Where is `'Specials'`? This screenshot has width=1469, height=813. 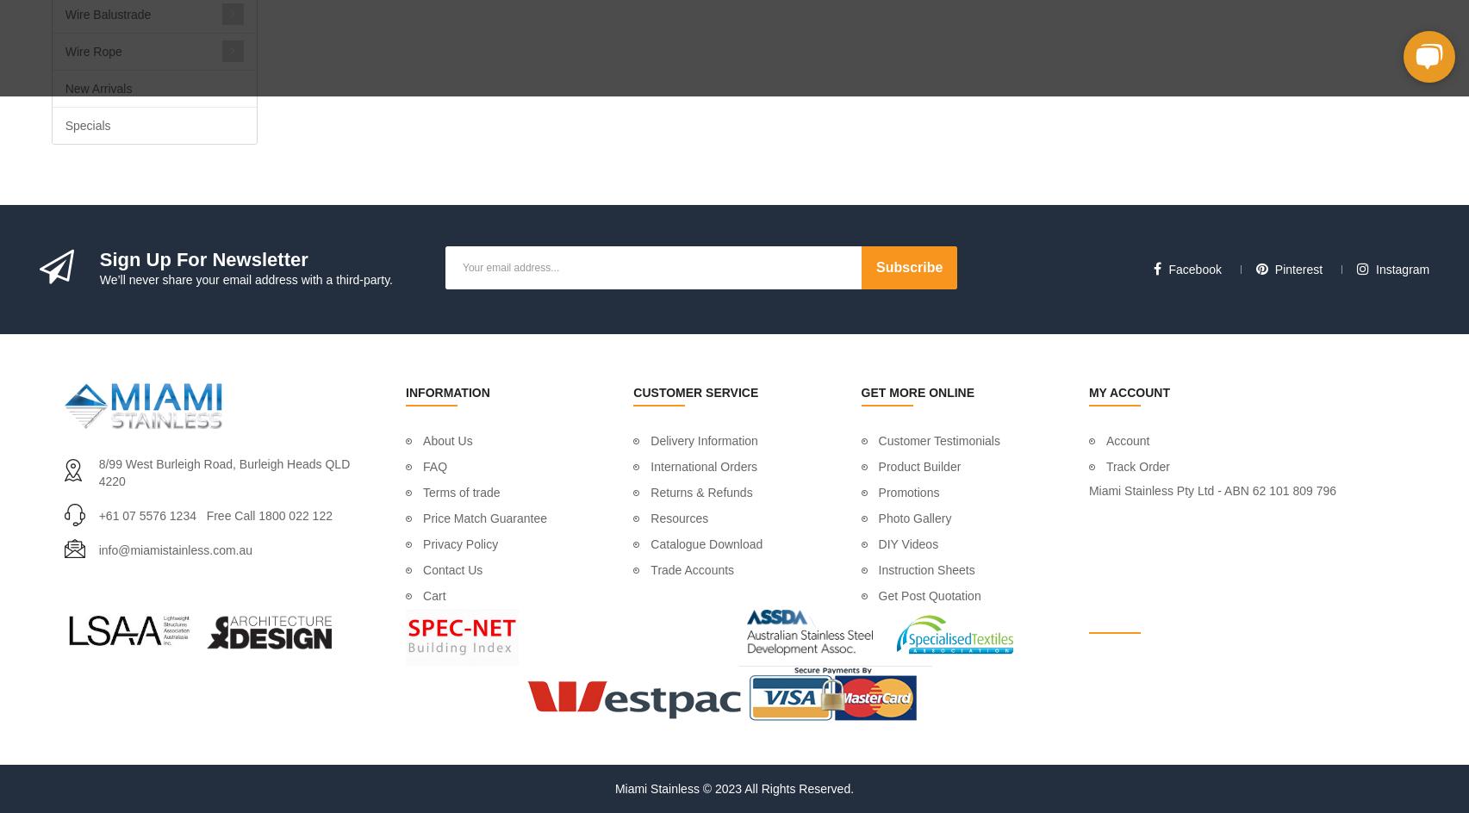 'Specials' is located at coordinates (87, 126).